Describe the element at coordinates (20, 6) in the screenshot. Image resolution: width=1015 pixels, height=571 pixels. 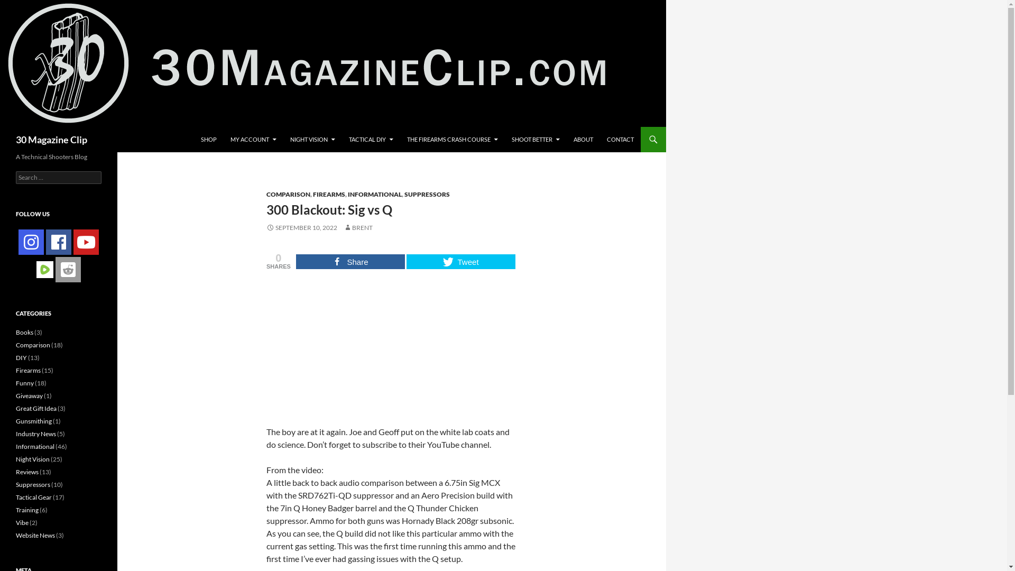
I see `'Search'` at that location.